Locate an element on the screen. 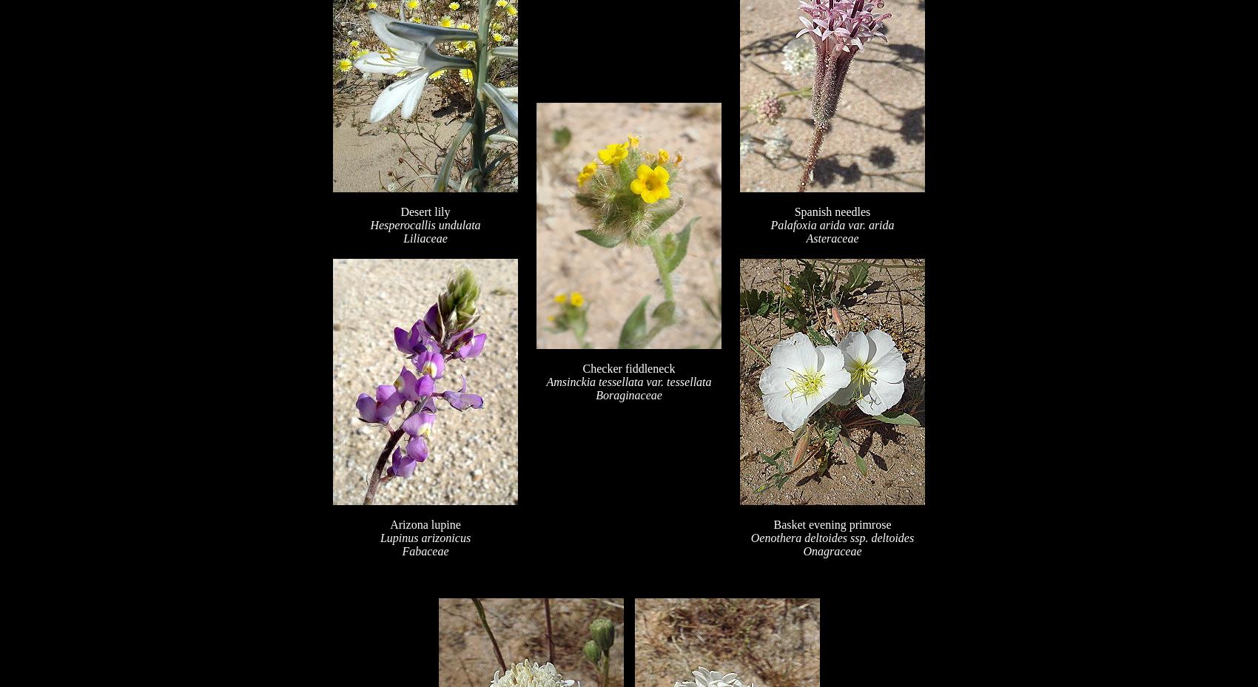  'Basket evening primrose' is located at coordinates (772, 524).